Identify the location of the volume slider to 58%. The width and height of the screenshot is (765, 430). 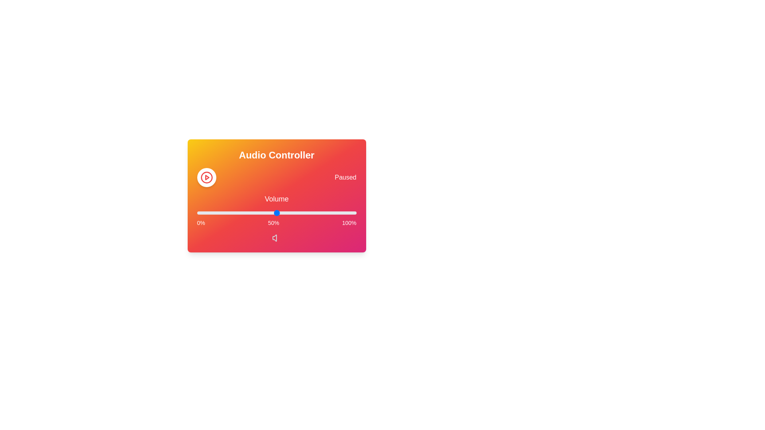
(289, 213).